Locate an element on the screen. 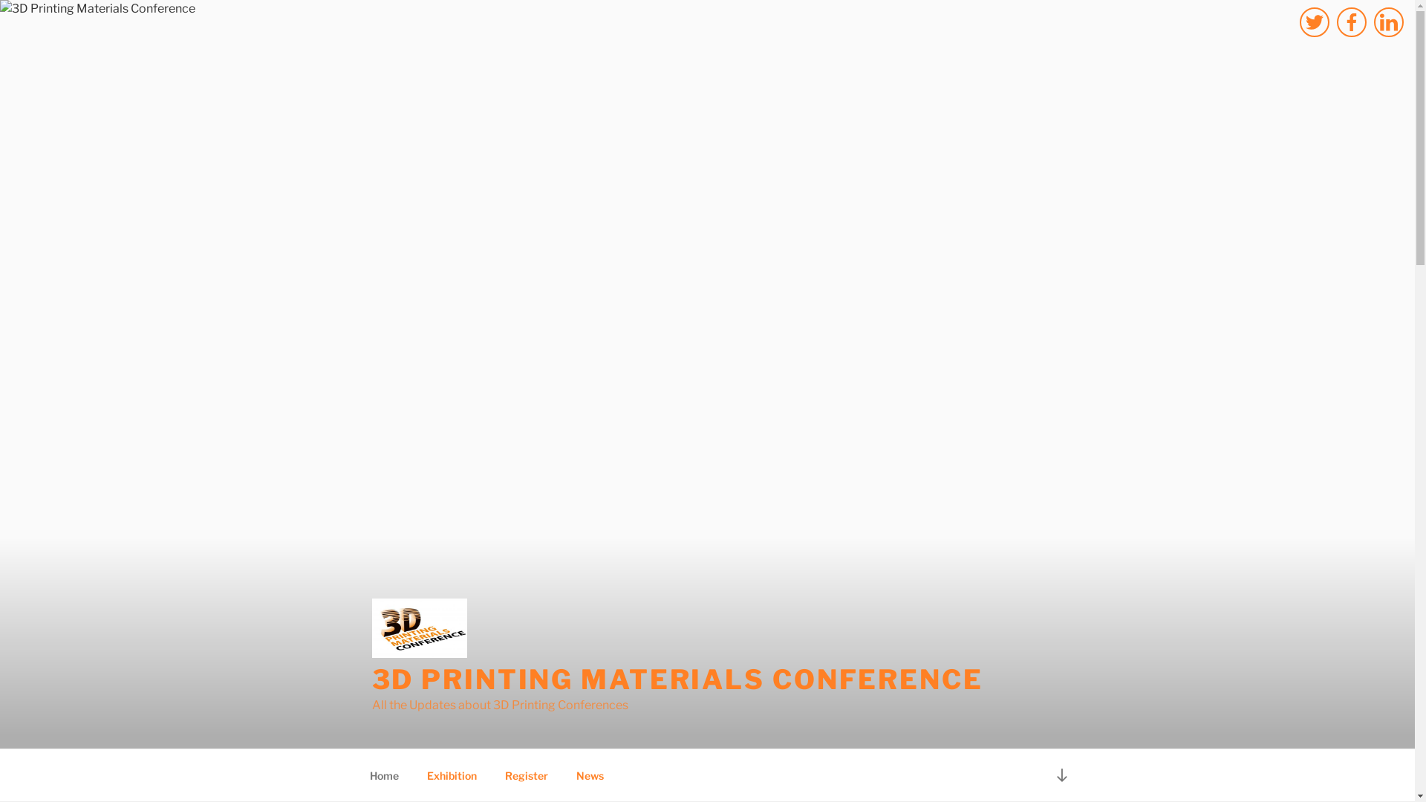  'Register' is located at coordinates (526, 775).